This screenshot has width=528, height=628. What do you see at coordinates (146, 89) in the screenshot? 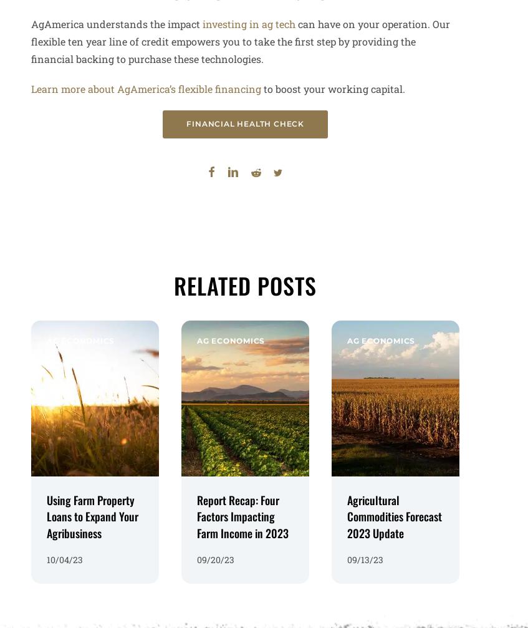
I see `'Learn more about AgAmerica’s flexible financing'` at bounding box center [146, 89].